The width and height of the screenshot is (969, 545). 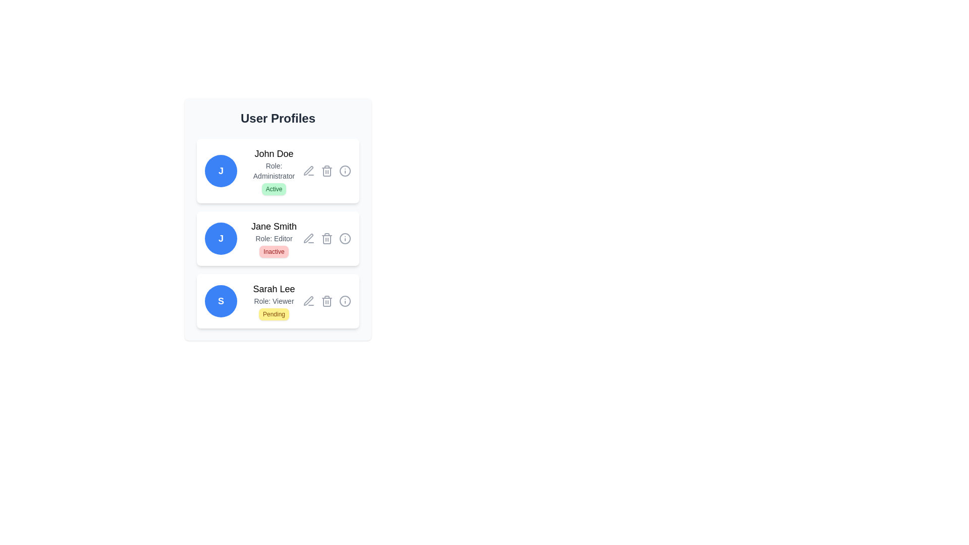 What do you see at coordinates (274, 301) in the screenshot?
I see `the static text element that indicates the user's role as 'Viewer', positioned beneath 'Sarah Lee' and above 'Pending'` at bounding box center [274, 301].